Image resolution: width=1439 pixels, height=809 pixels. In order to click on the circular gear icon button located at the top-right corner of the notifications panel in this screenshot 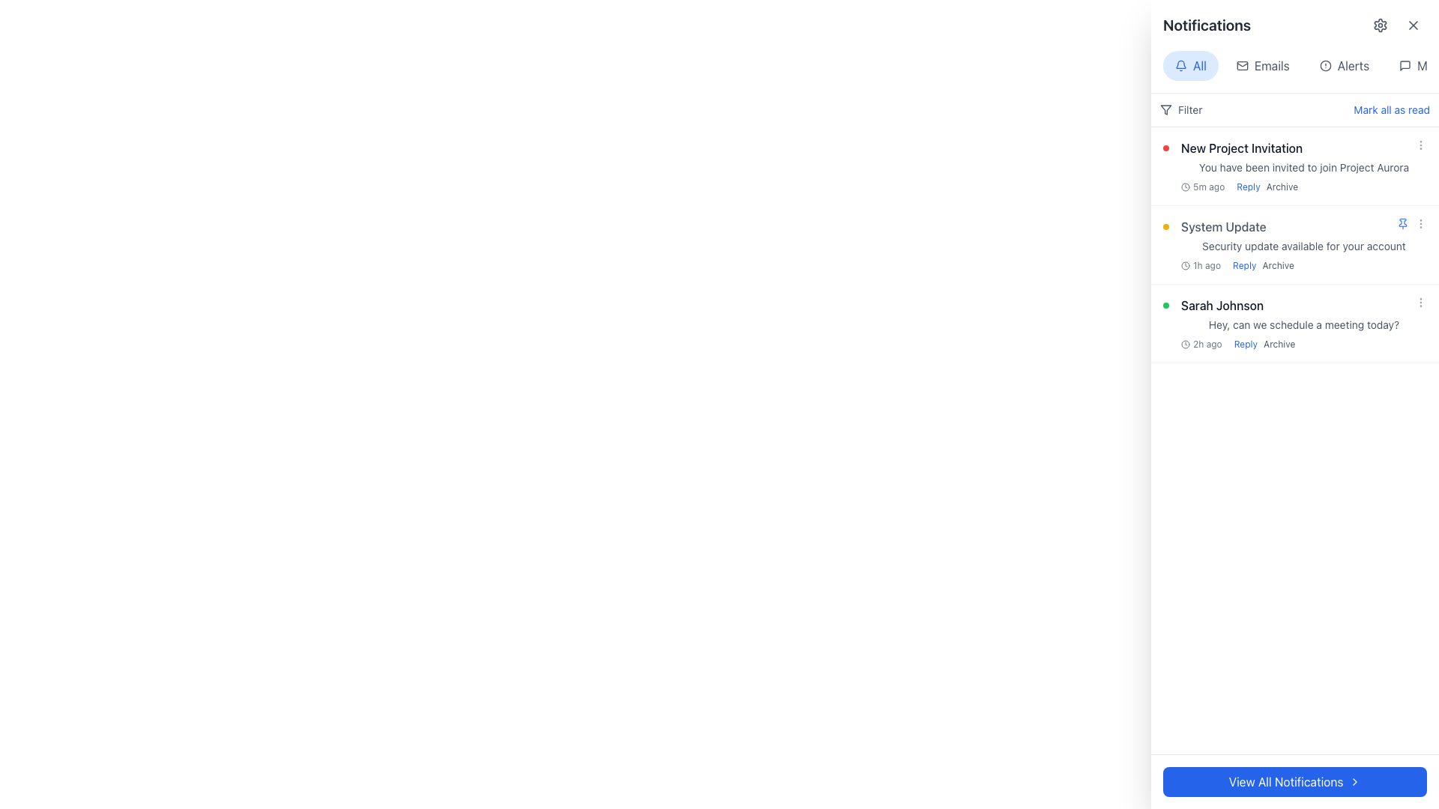, I will do `click(1380, 25)`.